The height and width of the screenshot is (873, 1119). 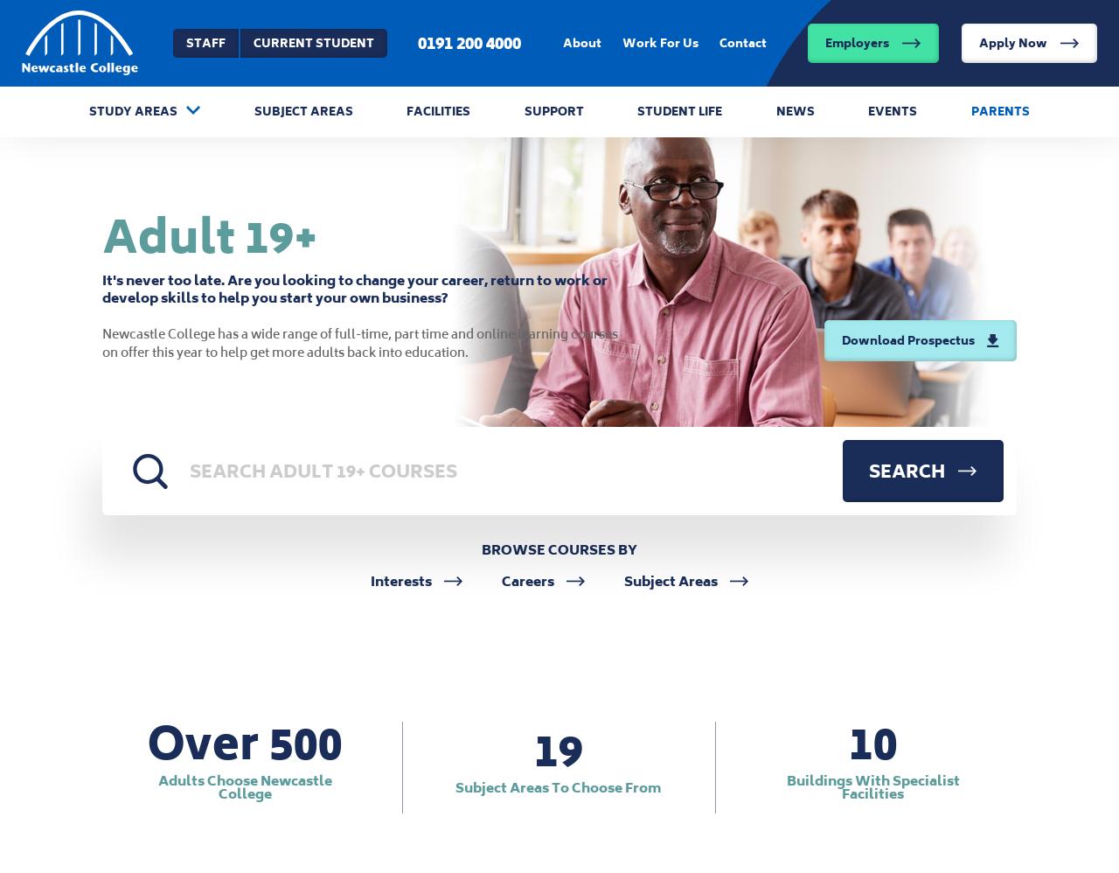 What do you see at coordinates (244, 742) in the screenshot?
I see `'Over 500'` at bounding box center [244, 742].